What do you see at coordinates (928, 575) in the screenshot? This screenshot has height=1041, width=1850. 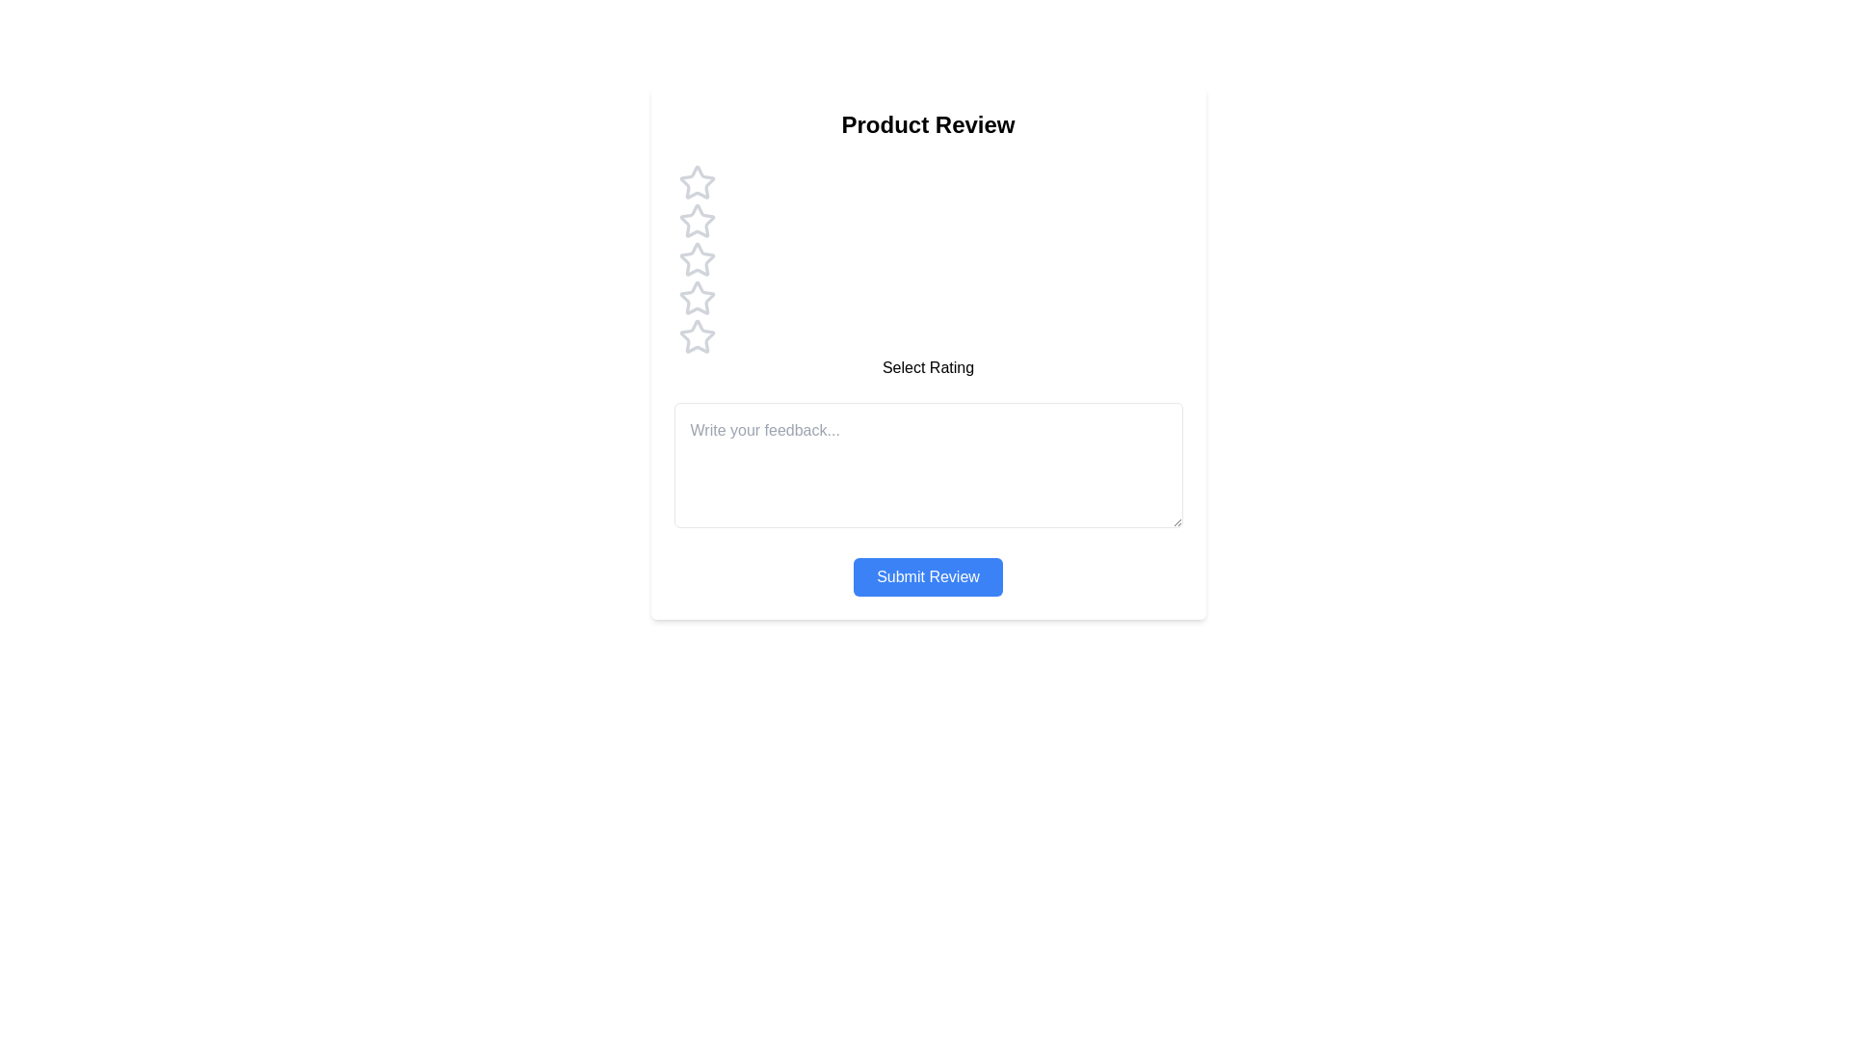 I see `the blue 'Submit Review' button` at bounding box center [928, 575].